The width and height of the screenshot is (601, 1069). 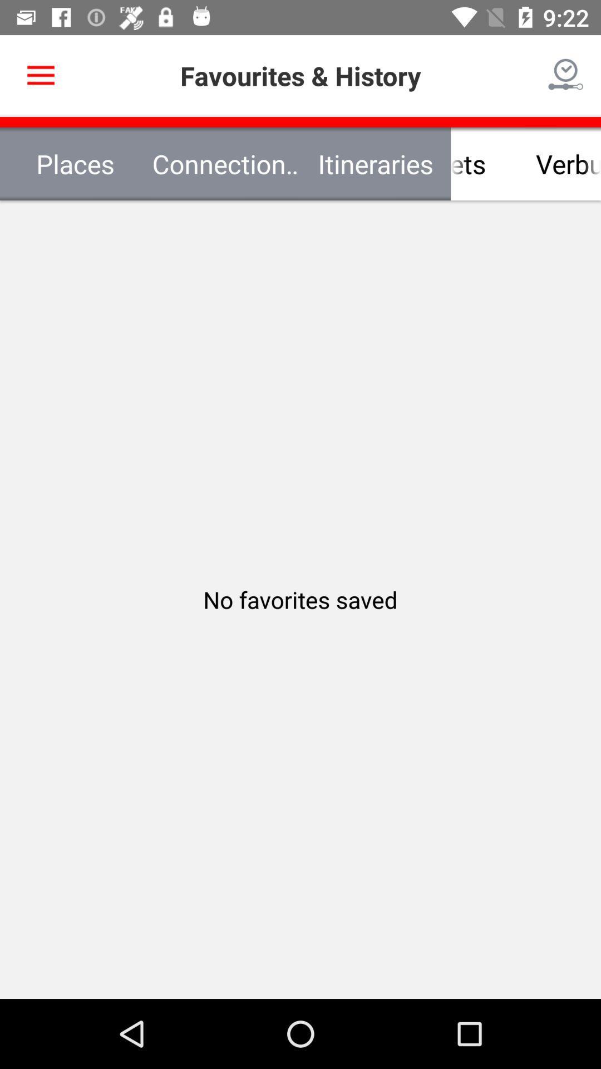 What do you see at coordinates (75, 163) in the screenshot?
I see `the places icon` at bounding box center [75, 163].